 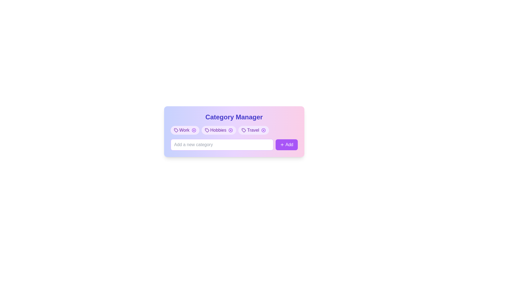 I want to click on the 'Work' text label within the tag component to initiate interactions such as removal or modification, so click(x=184, y=130).